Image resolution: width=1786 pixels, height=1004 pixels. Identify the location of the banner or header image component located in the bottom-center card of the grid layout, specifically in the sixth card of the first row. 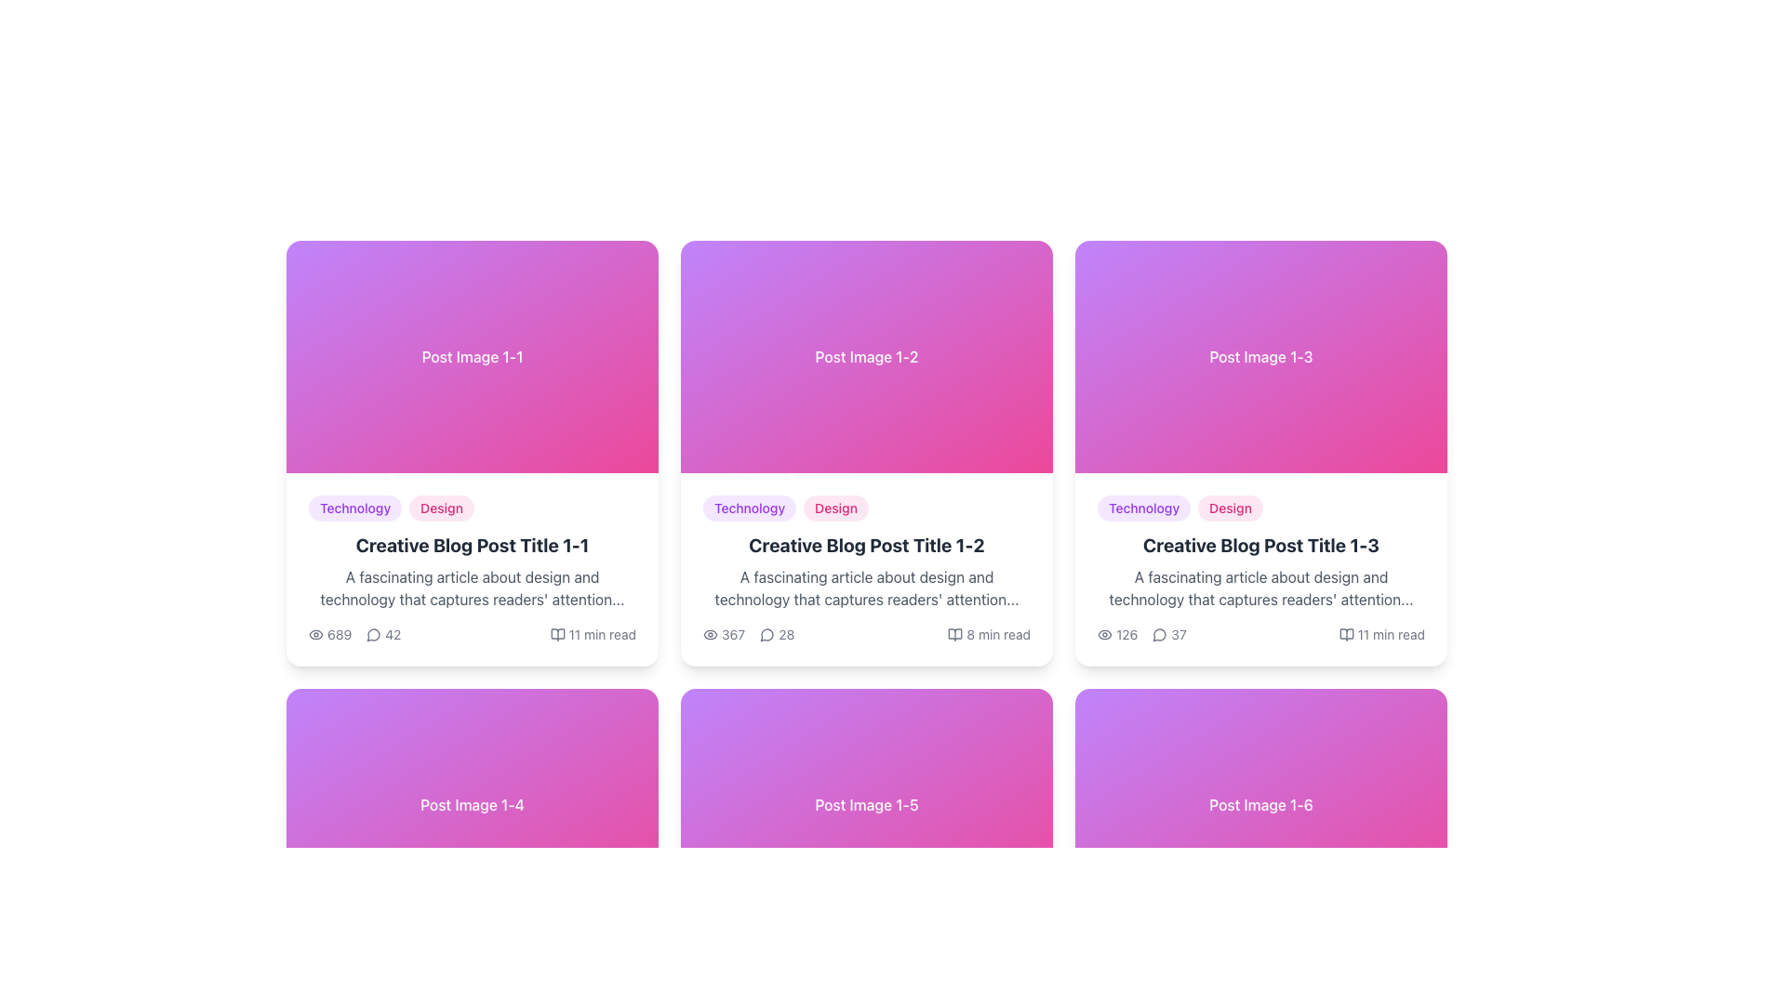
(1261, 804).